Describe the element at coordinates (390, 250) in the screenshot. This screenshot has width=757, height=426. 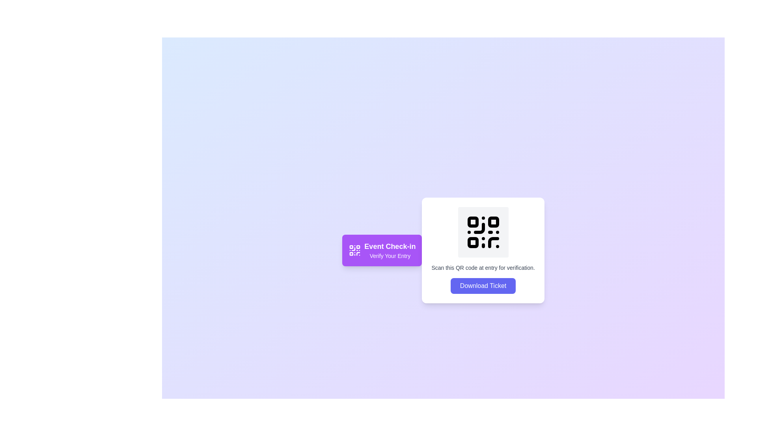
I see `the 'Event Check-in' text label located within a purple rectangular button on the left side of the interface, which contains the text 'Verify Your Entry' below it` at that location.